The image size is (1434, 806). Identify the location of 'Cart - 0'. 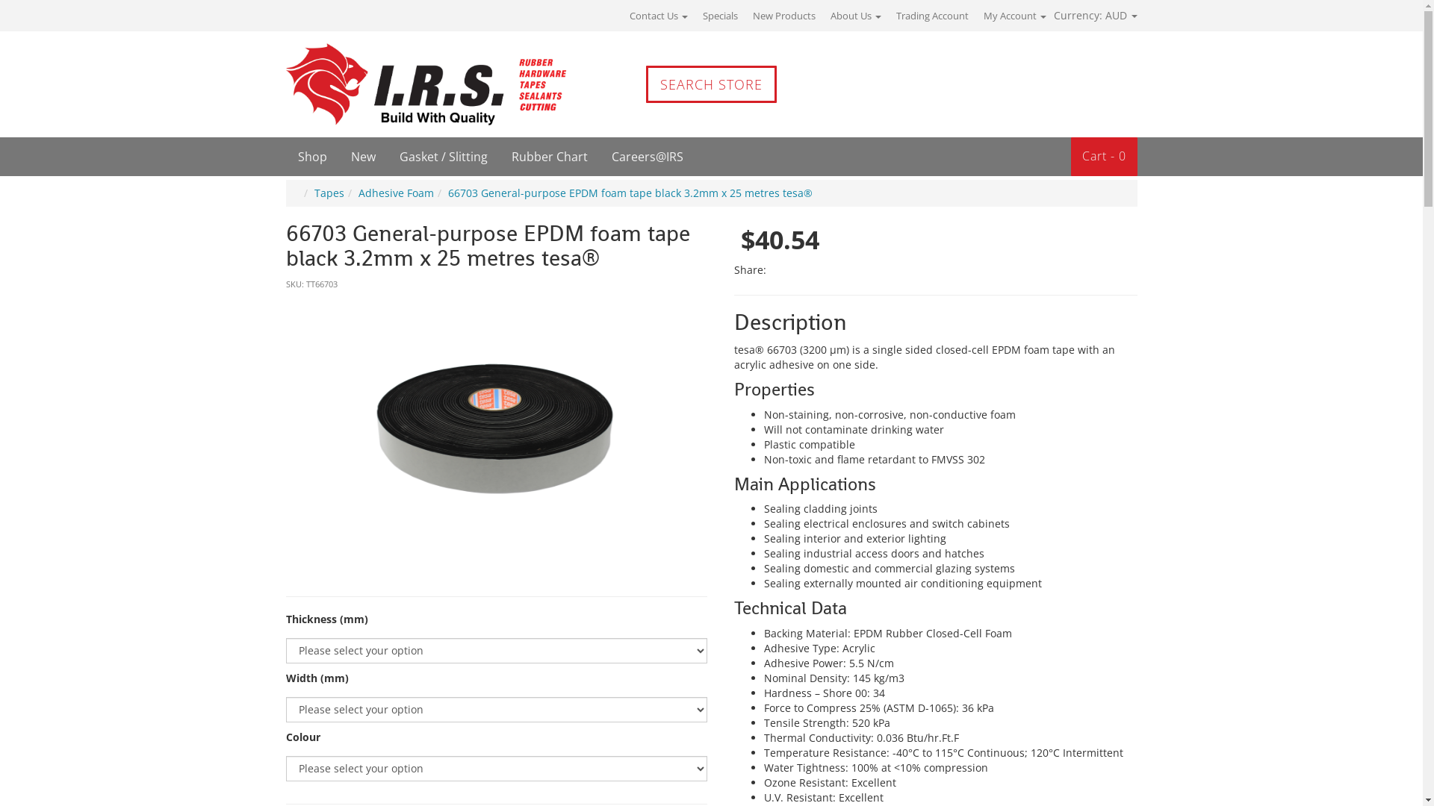
(1104, 156).